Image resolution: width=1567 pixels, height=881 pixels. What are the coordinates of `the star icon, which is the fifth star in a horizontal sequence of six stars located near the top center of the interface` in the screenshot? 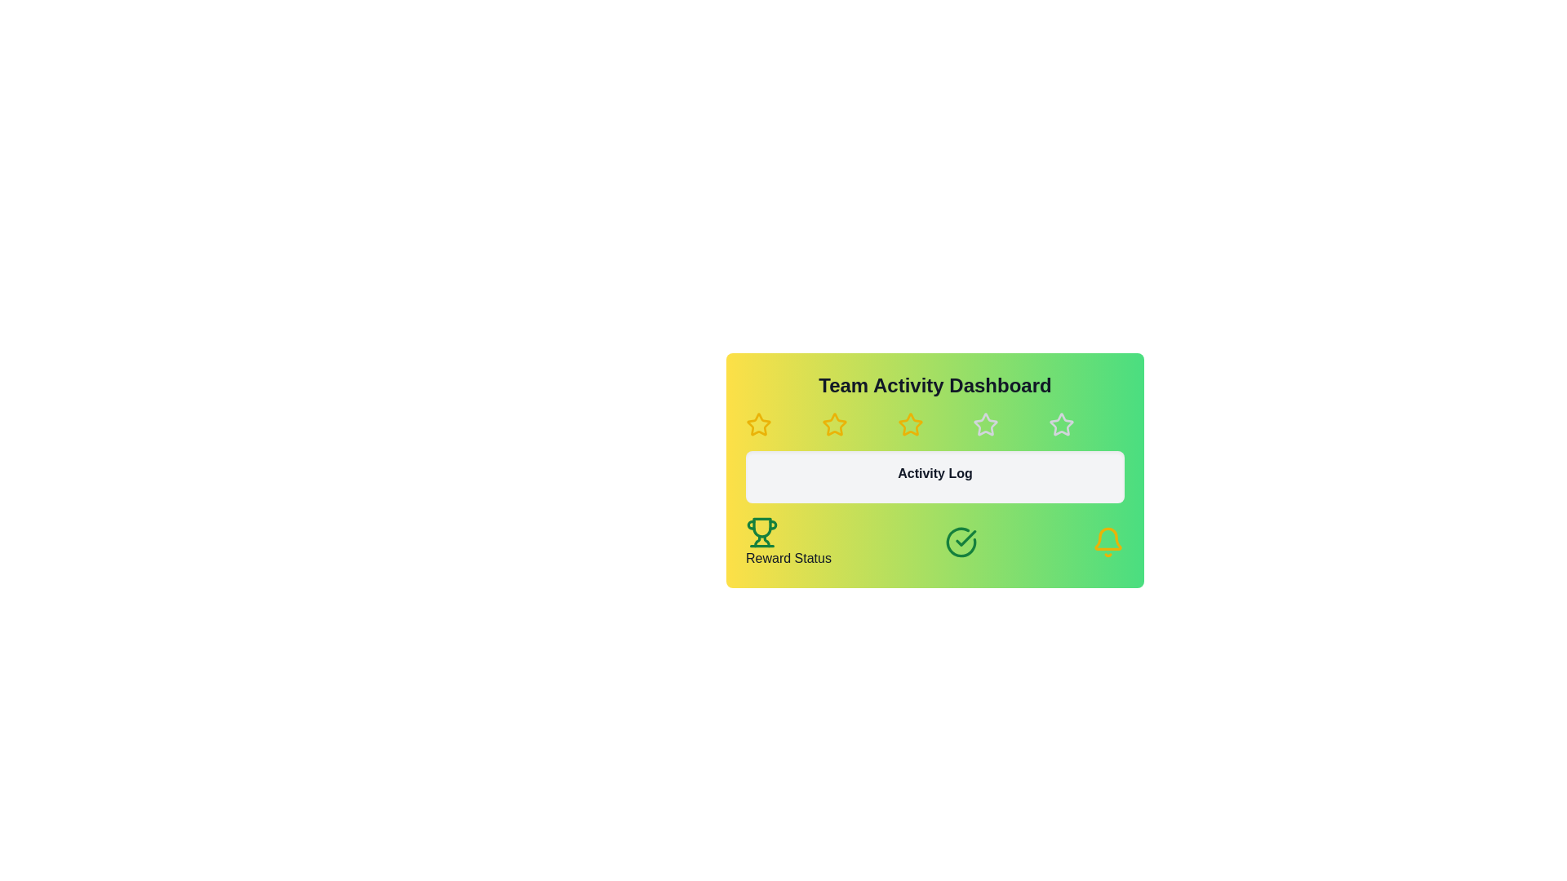 It's located at (1062, 423).